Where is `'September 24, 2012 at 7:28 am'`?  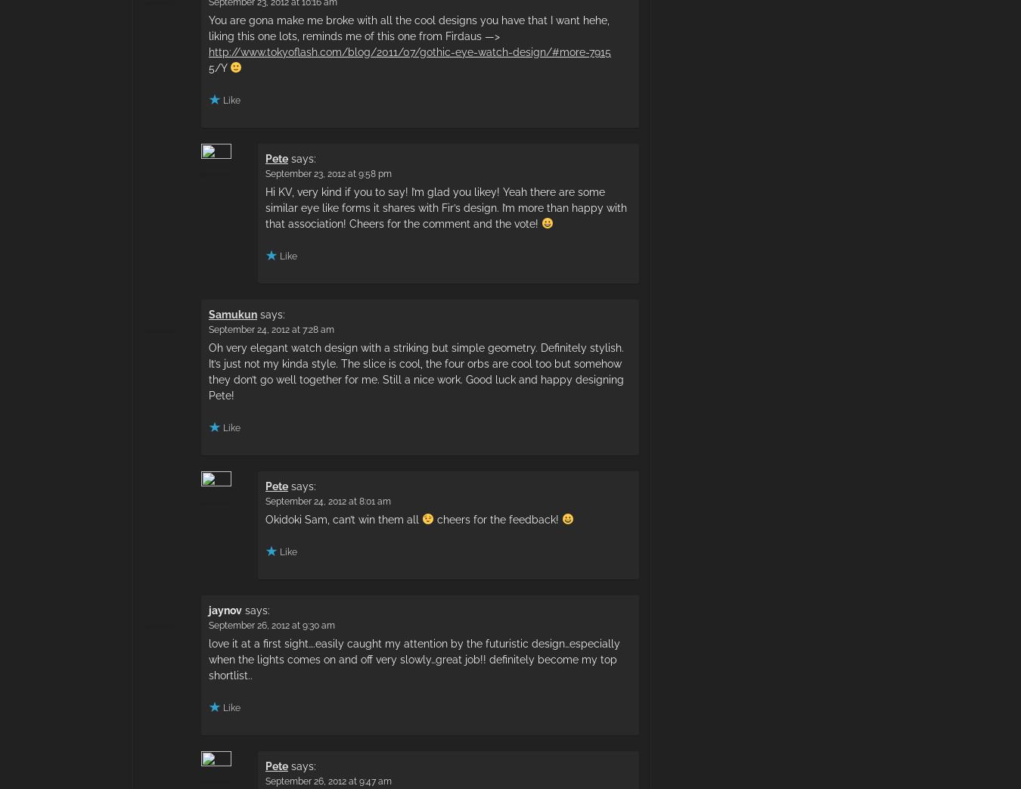 'September 24, 2012 at 7:28 am' is located at coordinates (271, 329).